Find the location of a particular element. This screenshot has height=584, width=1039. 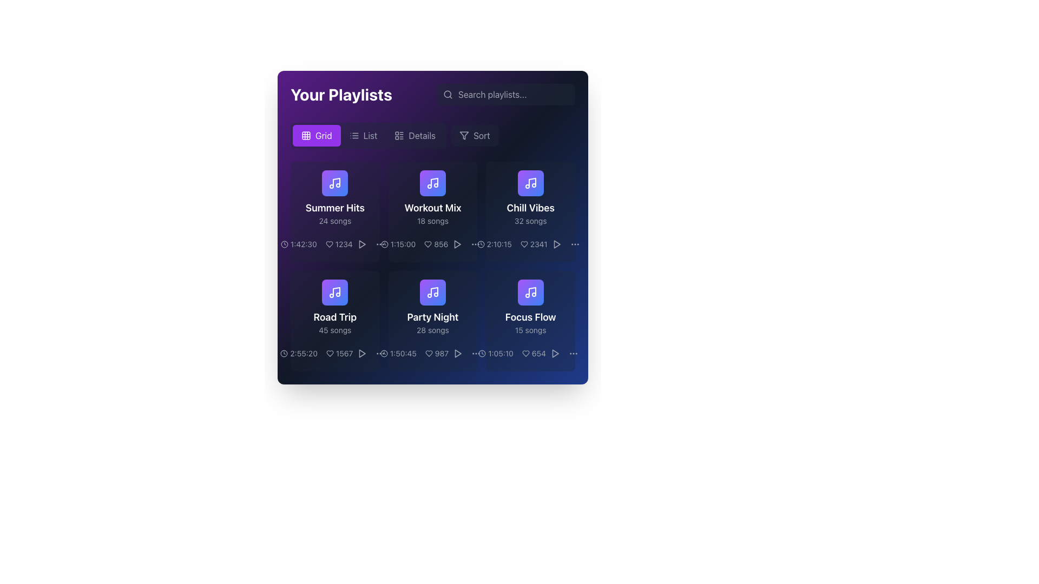

the Text Label that displays the number of songs in the 'Workout Mix' playlist, located below the title in the second row, middle column of the grid layout is located at coordinates (433, 220).